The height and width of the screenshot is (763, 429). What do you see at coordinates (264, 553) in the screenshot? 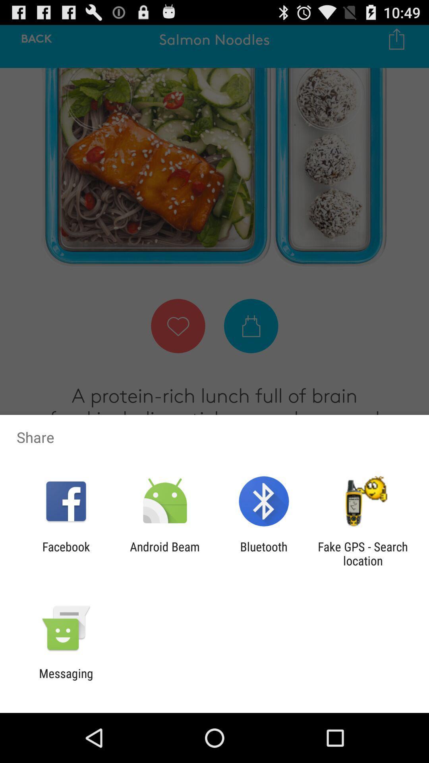
I see `bluetooth item` at bounding box center [264, 553].